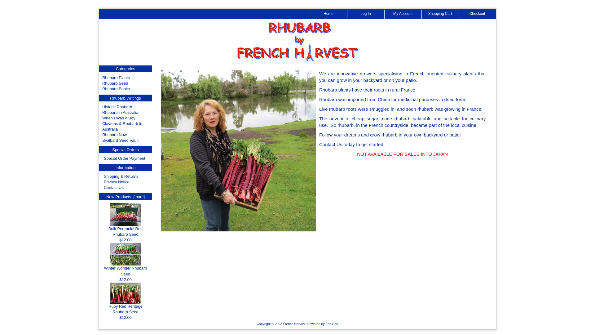 This screenshot has width=595, height=335. Describe the element at coordinates (102, 89) in the screenshot. I see `'Rhubarb Books'` at that location.